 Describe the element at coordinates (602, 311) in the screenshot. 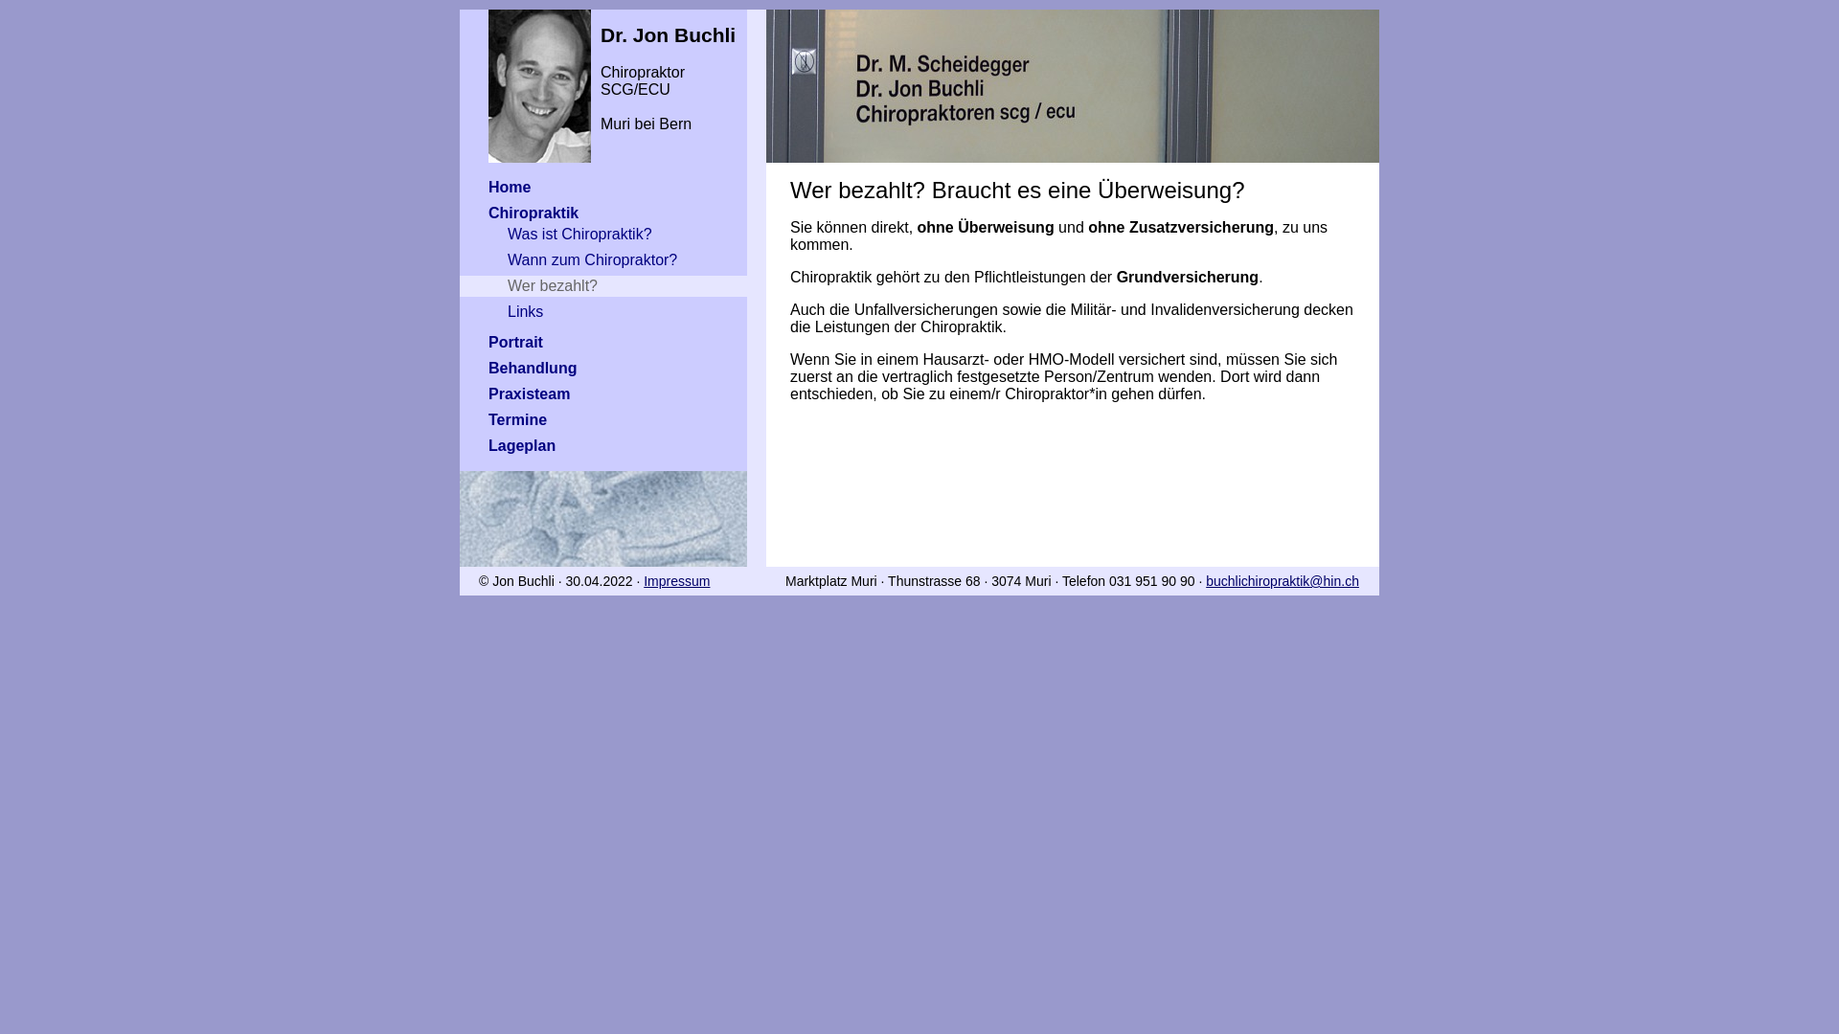

I see `'Links'` at that location.